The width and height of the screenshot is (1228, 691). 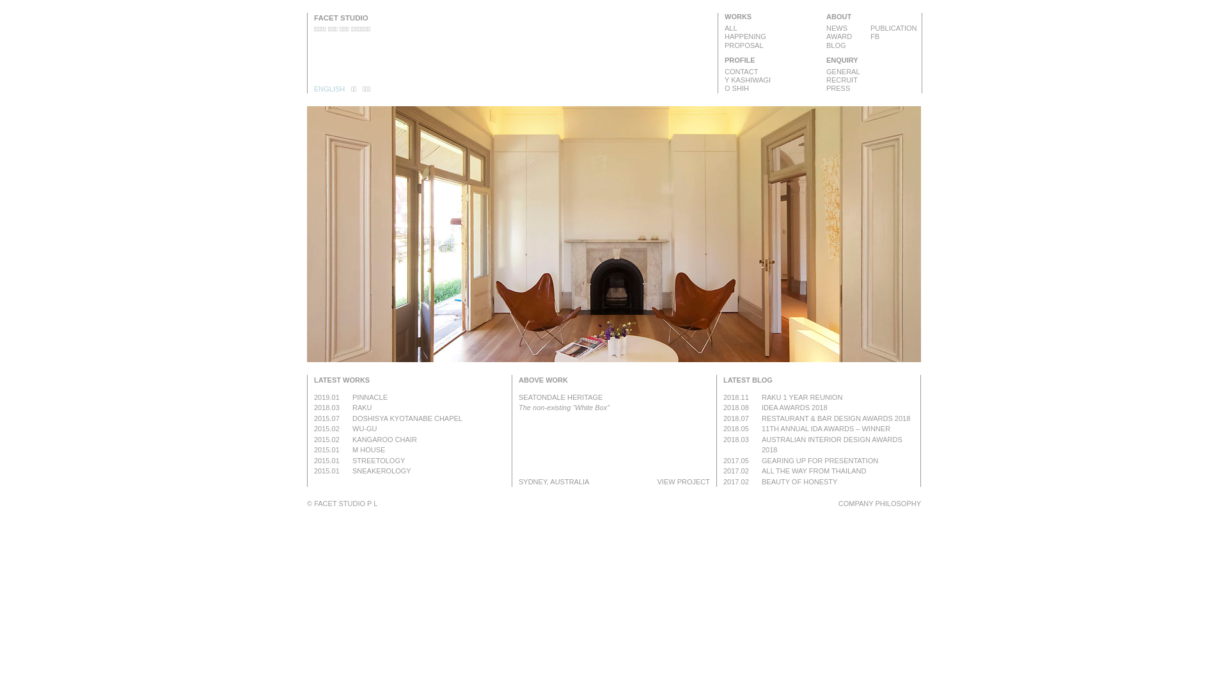 I want to click on 'FACET STUDIO', so click(x=341, y=17).